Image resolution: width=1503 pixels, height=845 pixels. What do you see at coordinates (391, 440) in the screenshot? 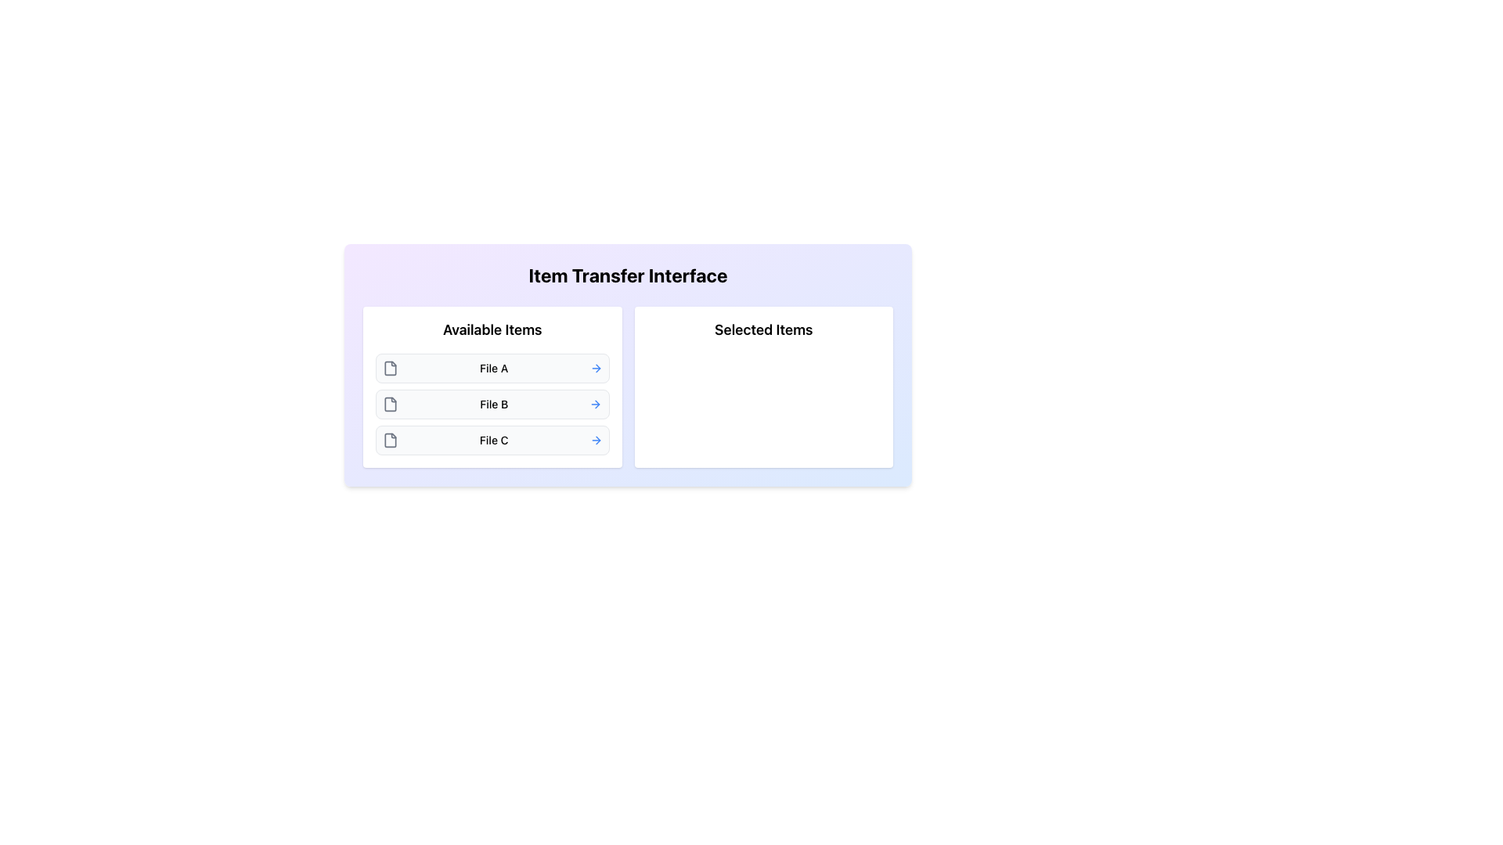
I see `the file icon representing 'File C', which is the third item in the vertical stack under the 'Available Items' section` at bounding box center [391, 440].